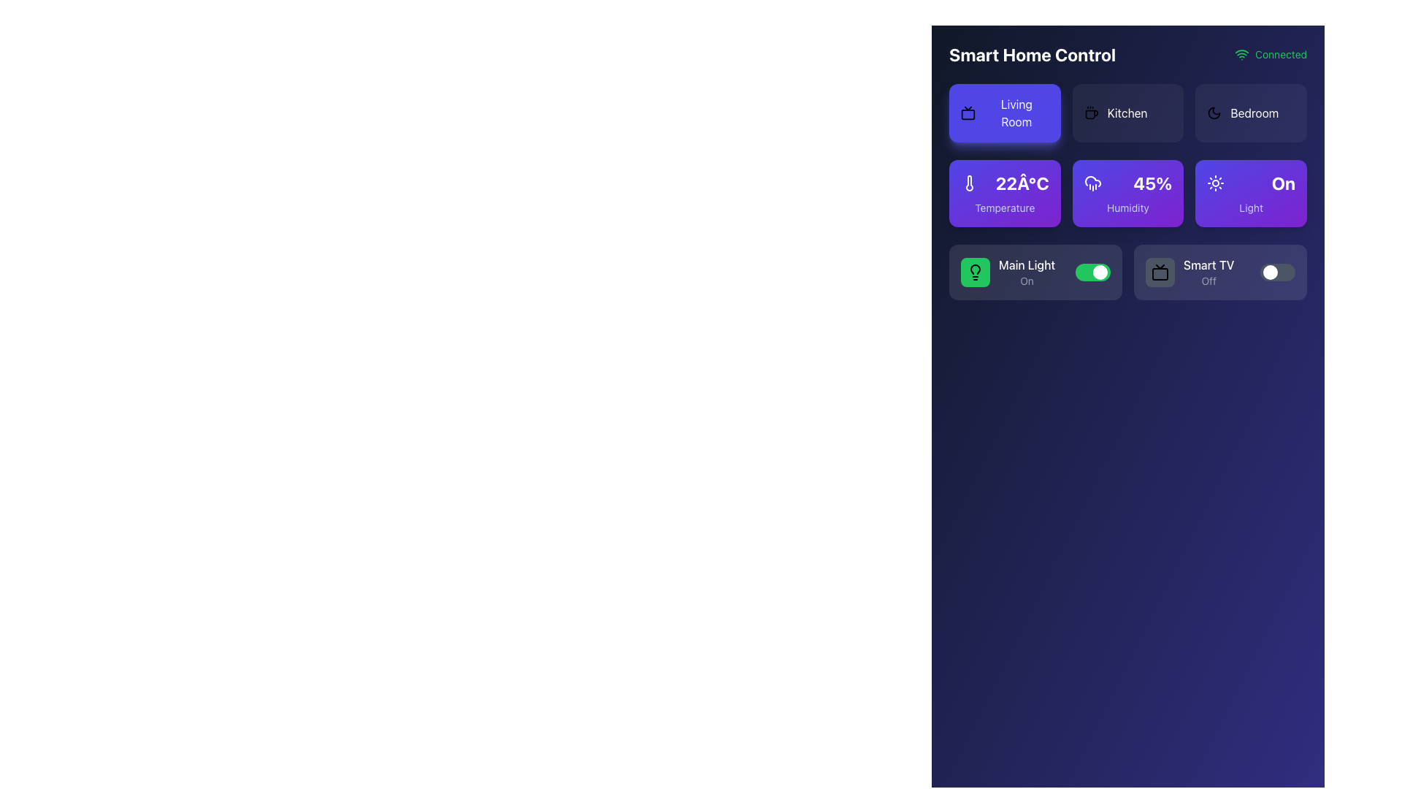  Describe the element at coordinates (1004, 182) in the screenshot. I see `the temperature display field indicating '22Â°C' in the Smart Home Control interface` at that location.